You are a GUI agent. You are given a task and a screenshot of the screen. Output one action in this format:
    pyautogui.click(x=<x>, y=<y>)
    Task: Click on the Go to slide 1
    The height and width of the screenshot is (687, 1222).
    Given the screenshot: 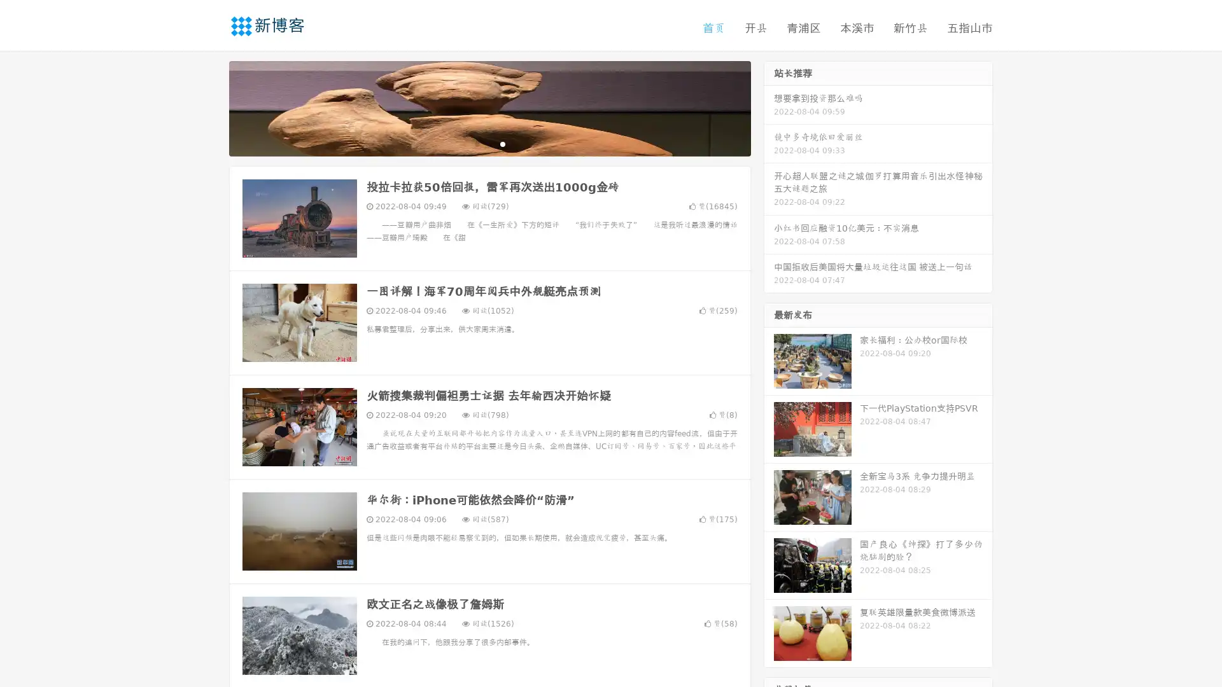 What is the action you would take?
    pyautogui.click(x=476, y=143)
    